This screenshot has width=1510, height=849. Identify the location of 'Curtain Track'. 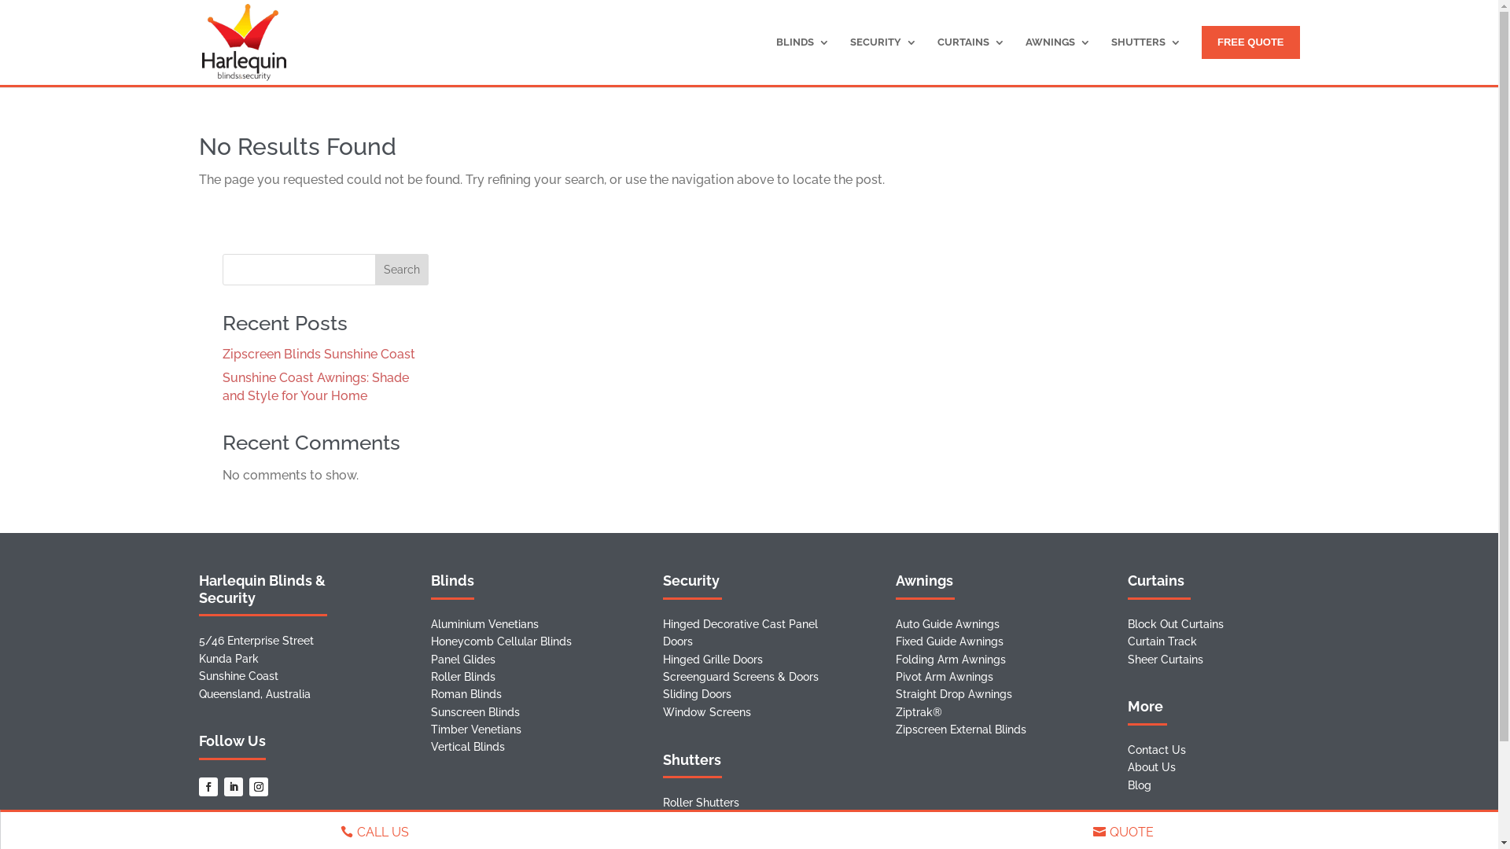
(1162, 641).